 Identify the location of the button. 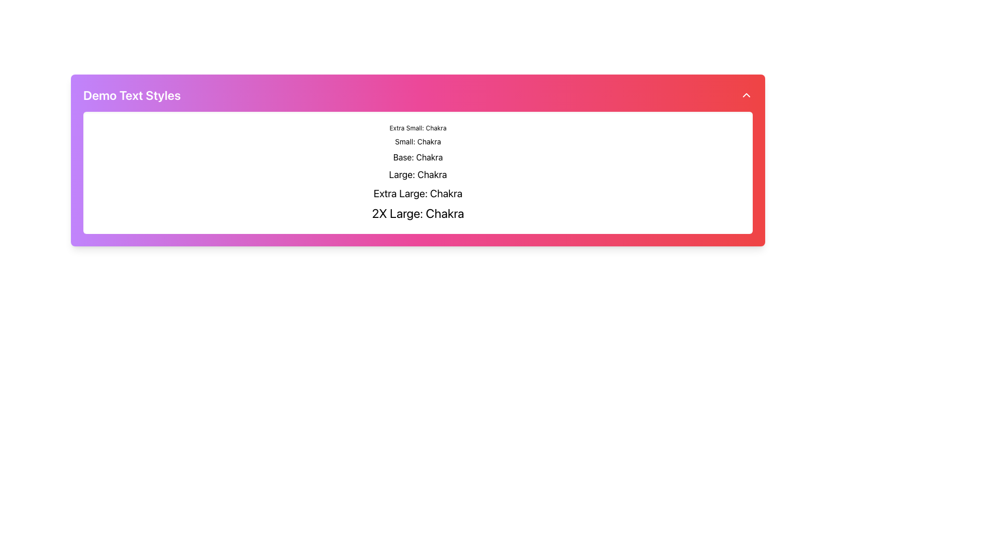
(746, 95).